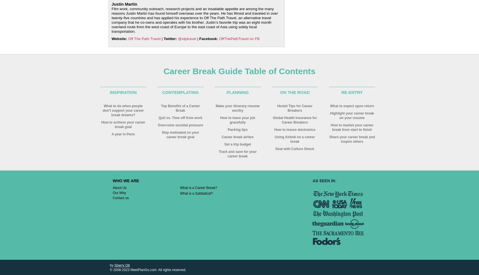  What do you see at coordinates (187, 38) in the screenshot?
I see `'@otptravel'` at bounding box center [187, 38].